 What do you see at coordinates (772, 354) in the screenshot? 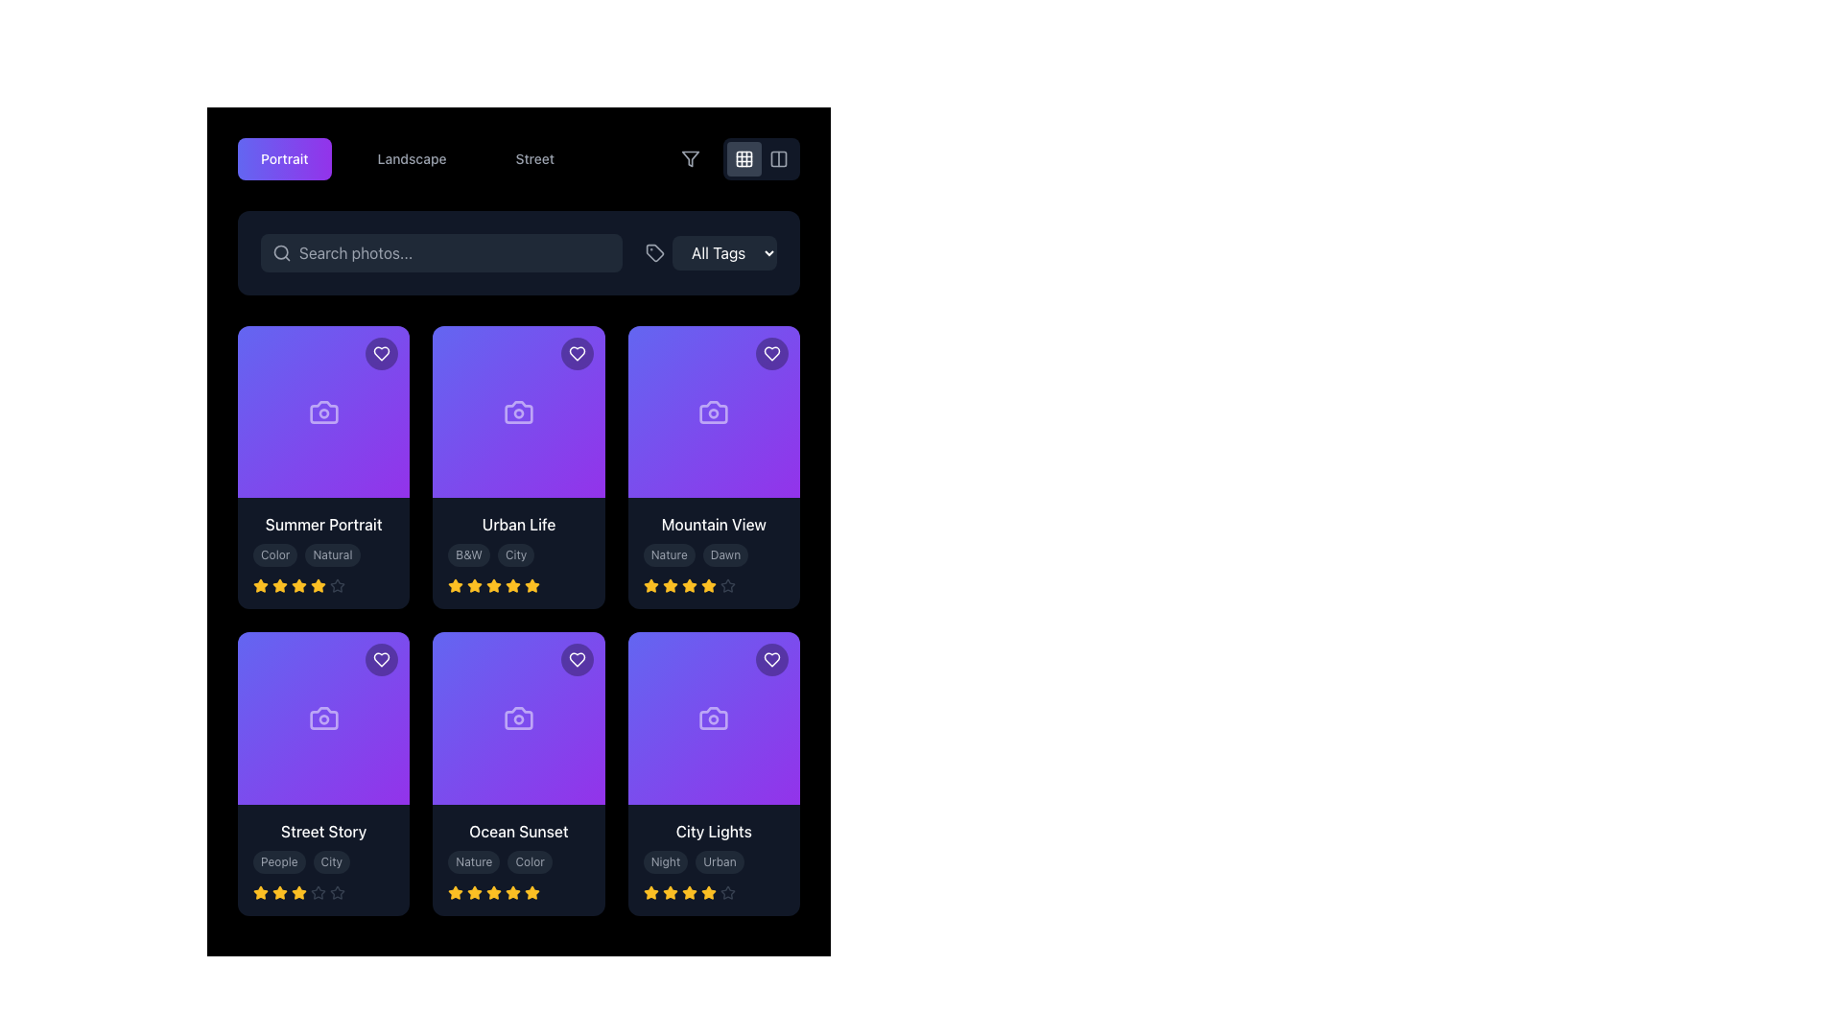
I see `the heart-shaped interactive icon located at the top-right corner of the 'Mountain View' card` at bounding box center [772, 354].